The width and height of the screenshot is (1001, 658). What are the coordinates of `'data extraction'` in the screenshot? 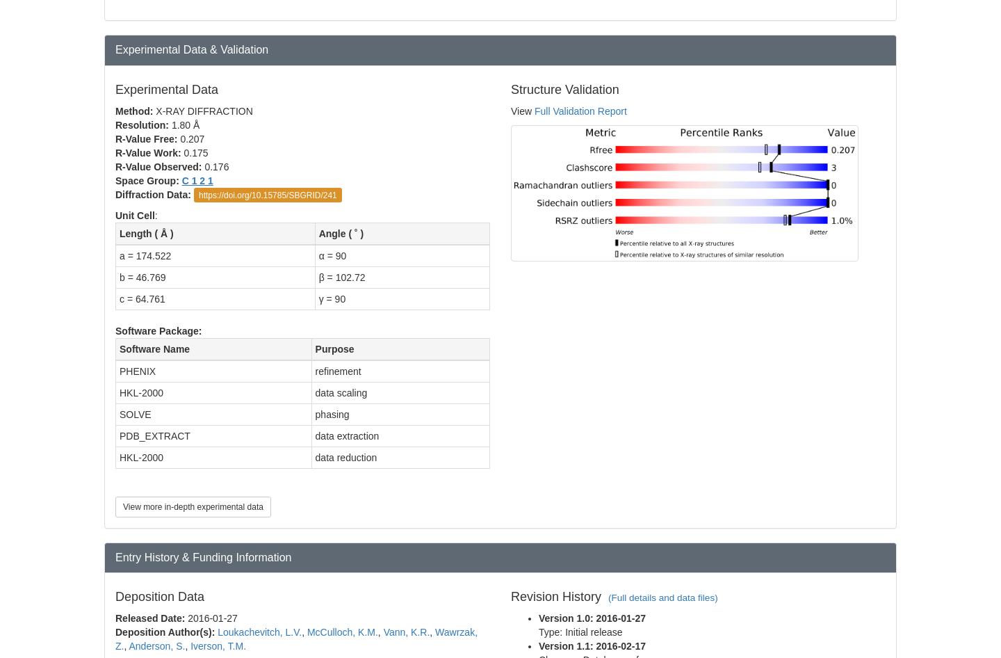 It's located at (345, 434).